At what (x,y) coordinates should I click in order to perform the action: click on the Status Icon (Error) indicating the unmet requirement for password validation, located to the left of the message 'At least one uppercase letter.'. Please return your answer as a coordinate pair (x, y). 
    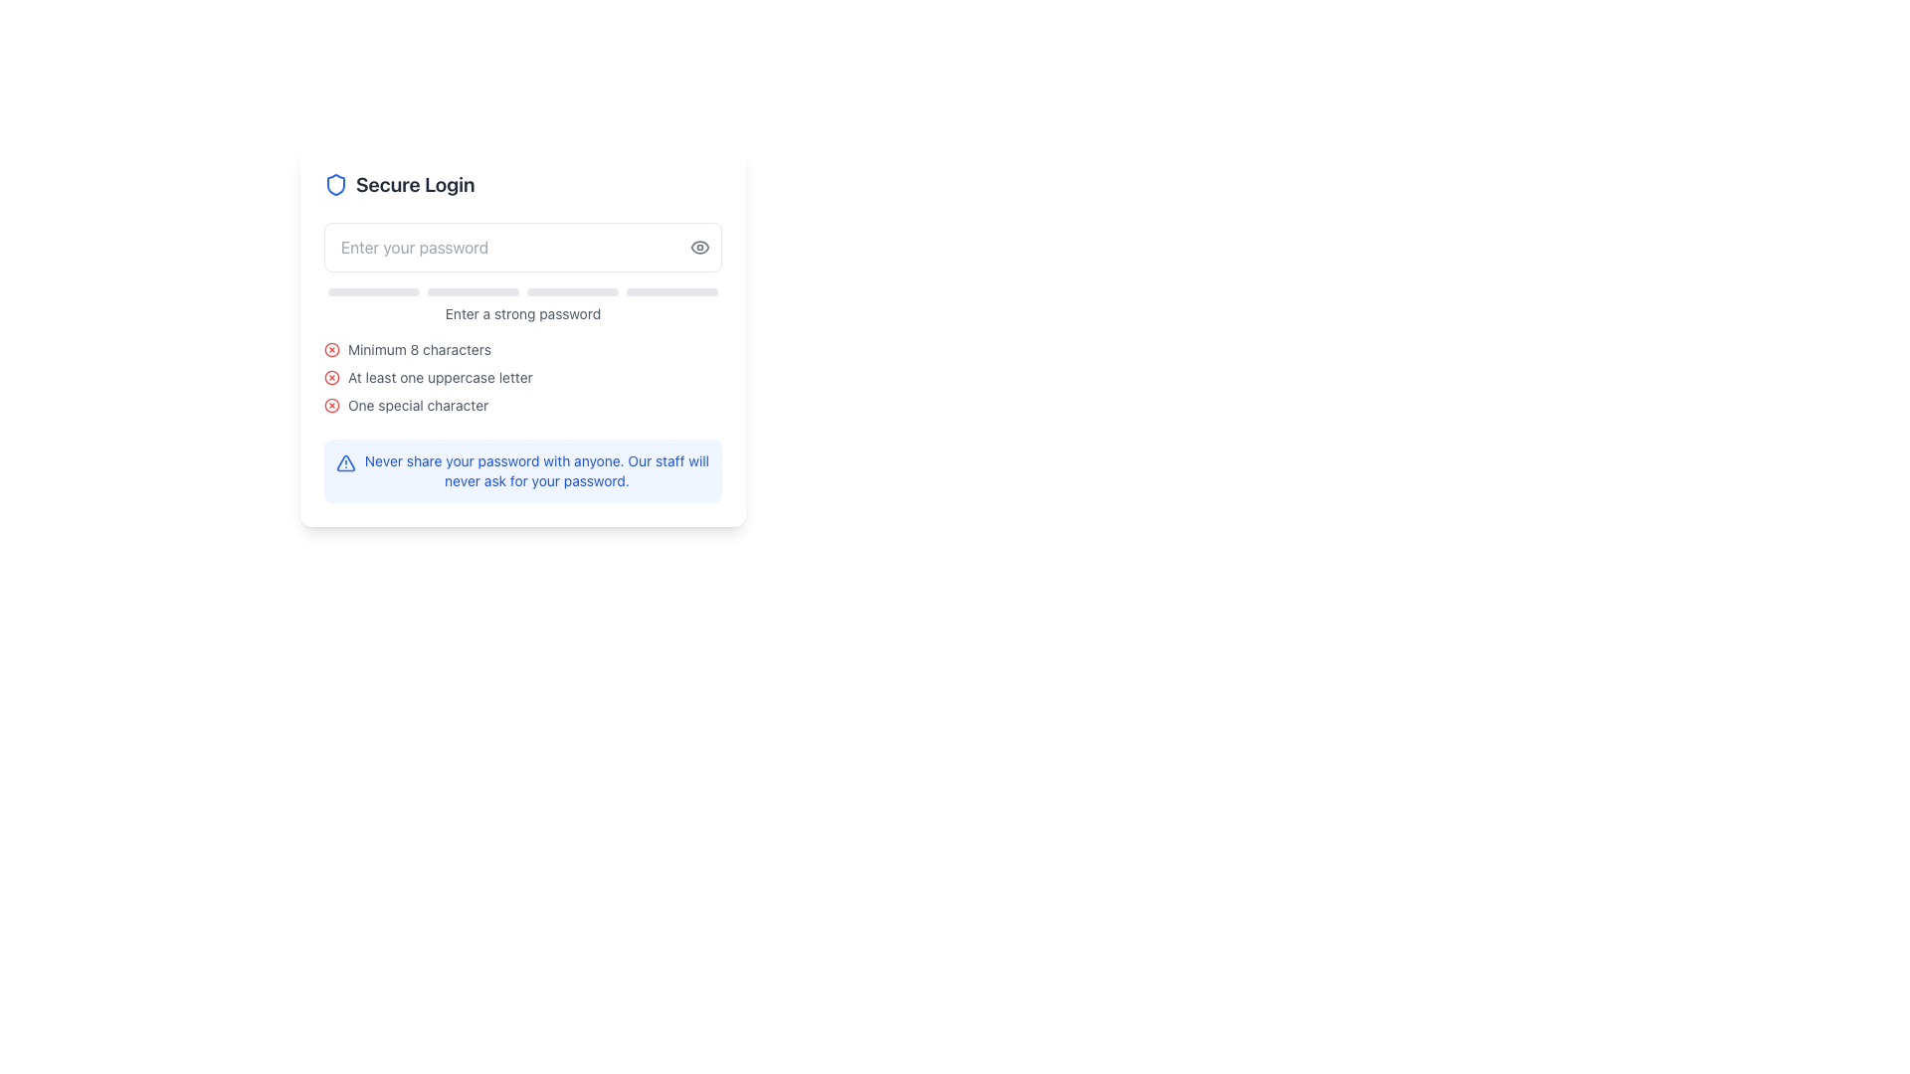
    Looking at the image, I should click on (332, 378).